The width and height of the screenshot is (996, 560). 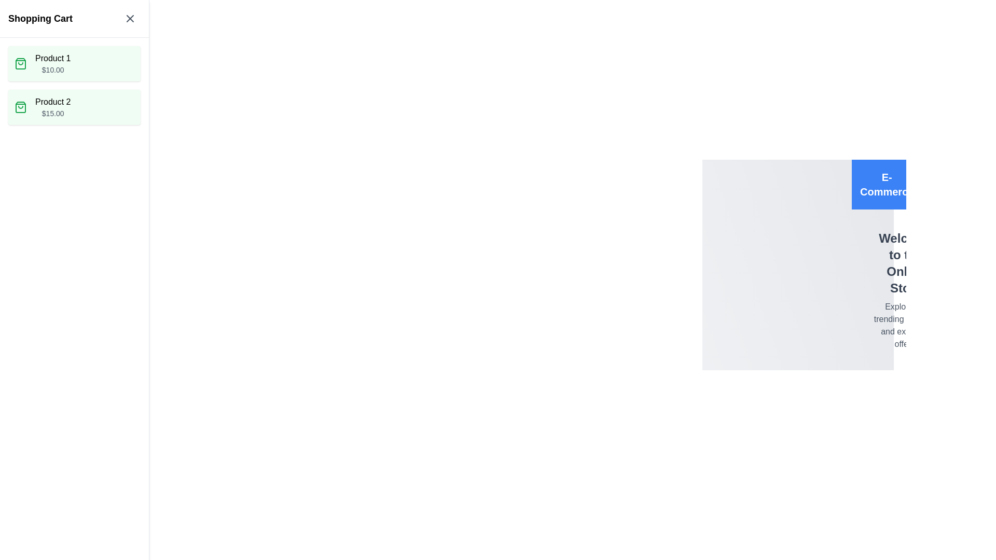 What do you see at coordinates (52, 114) in the screenshot?
I see `the price indicator text label located under the 'Product 2' section in the shopping cart interface` at bounding box center [52, 114].